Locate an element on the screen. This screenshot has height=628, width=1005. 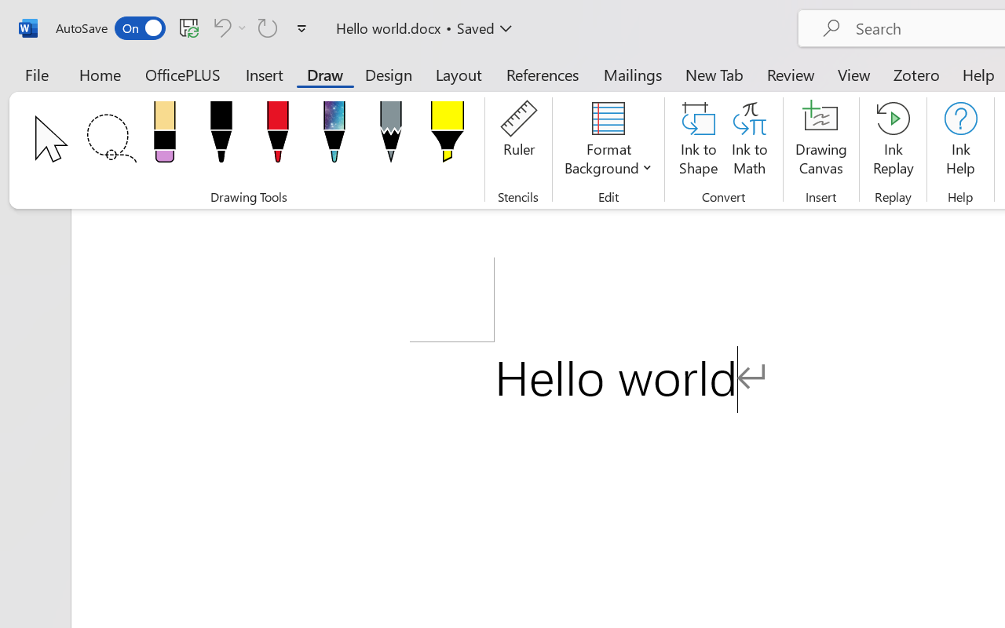
'Customize Quick Access Toolbar' is located at coordinates (301, 27).